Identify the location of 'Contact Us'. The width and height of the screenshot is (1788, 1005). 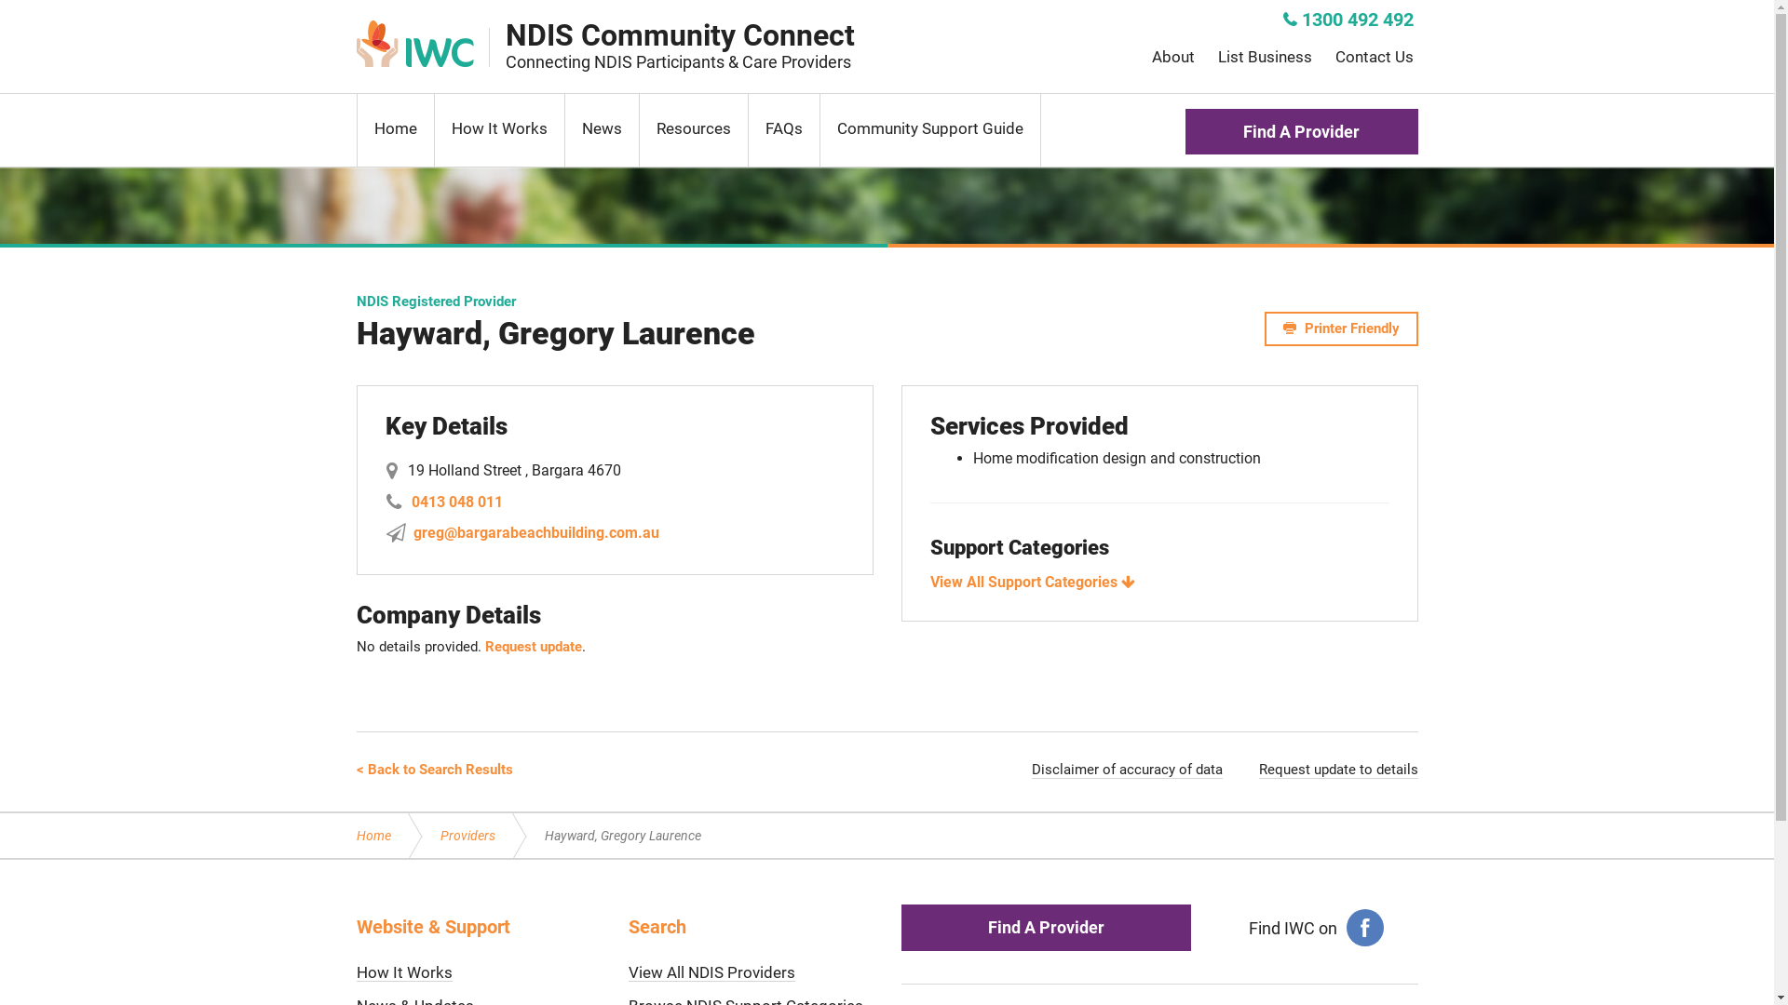
(1375, 55).